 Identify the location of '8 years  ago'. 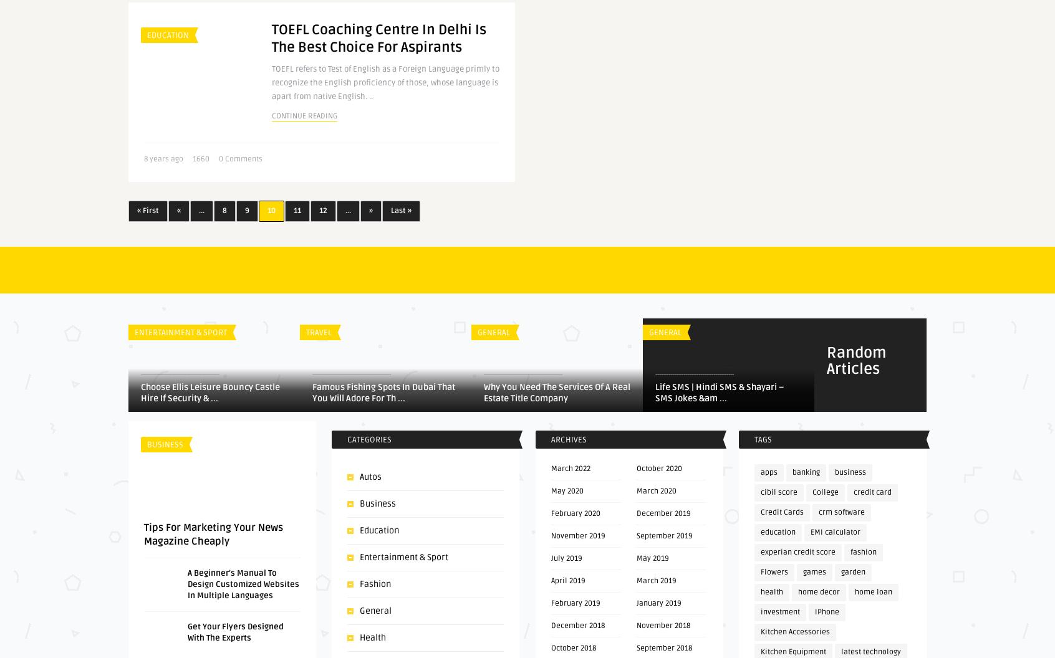
(163, 158).